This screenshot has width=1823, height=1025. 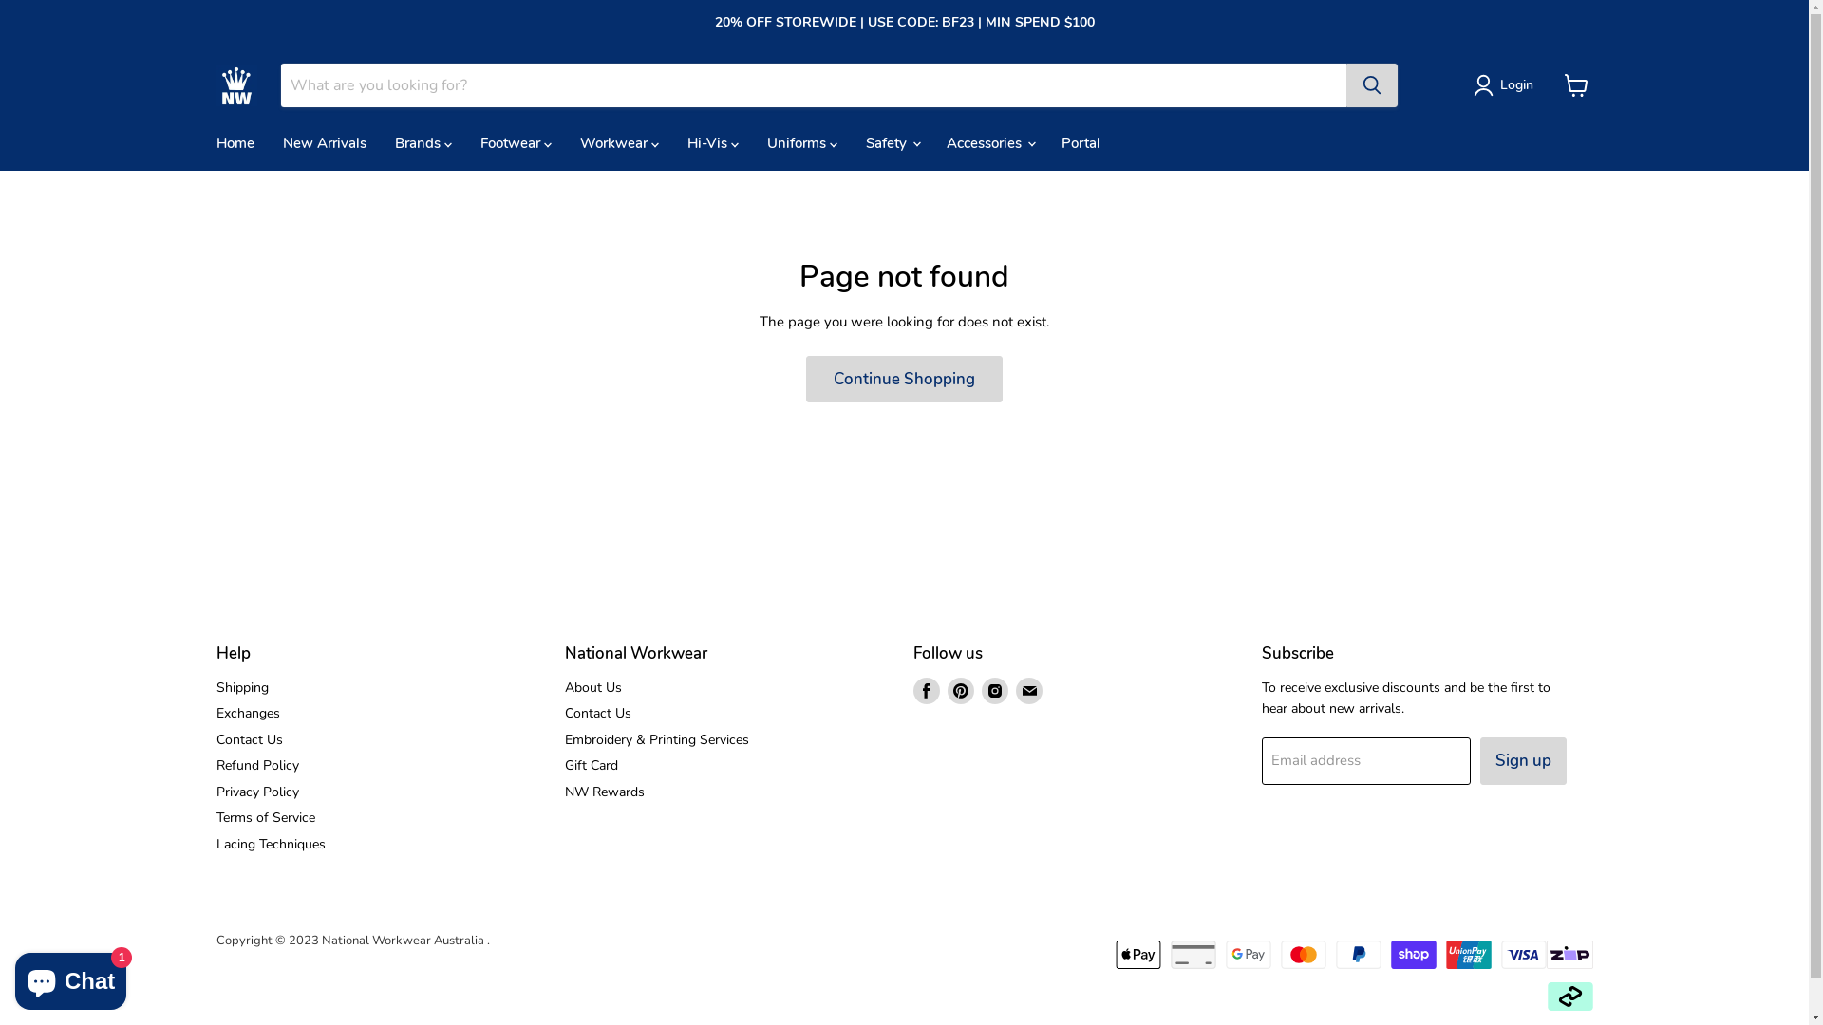 What do you see at coordinates (241, 687) in the screenshot?
I see `'Shipping'` at bounding box center [241, 687].